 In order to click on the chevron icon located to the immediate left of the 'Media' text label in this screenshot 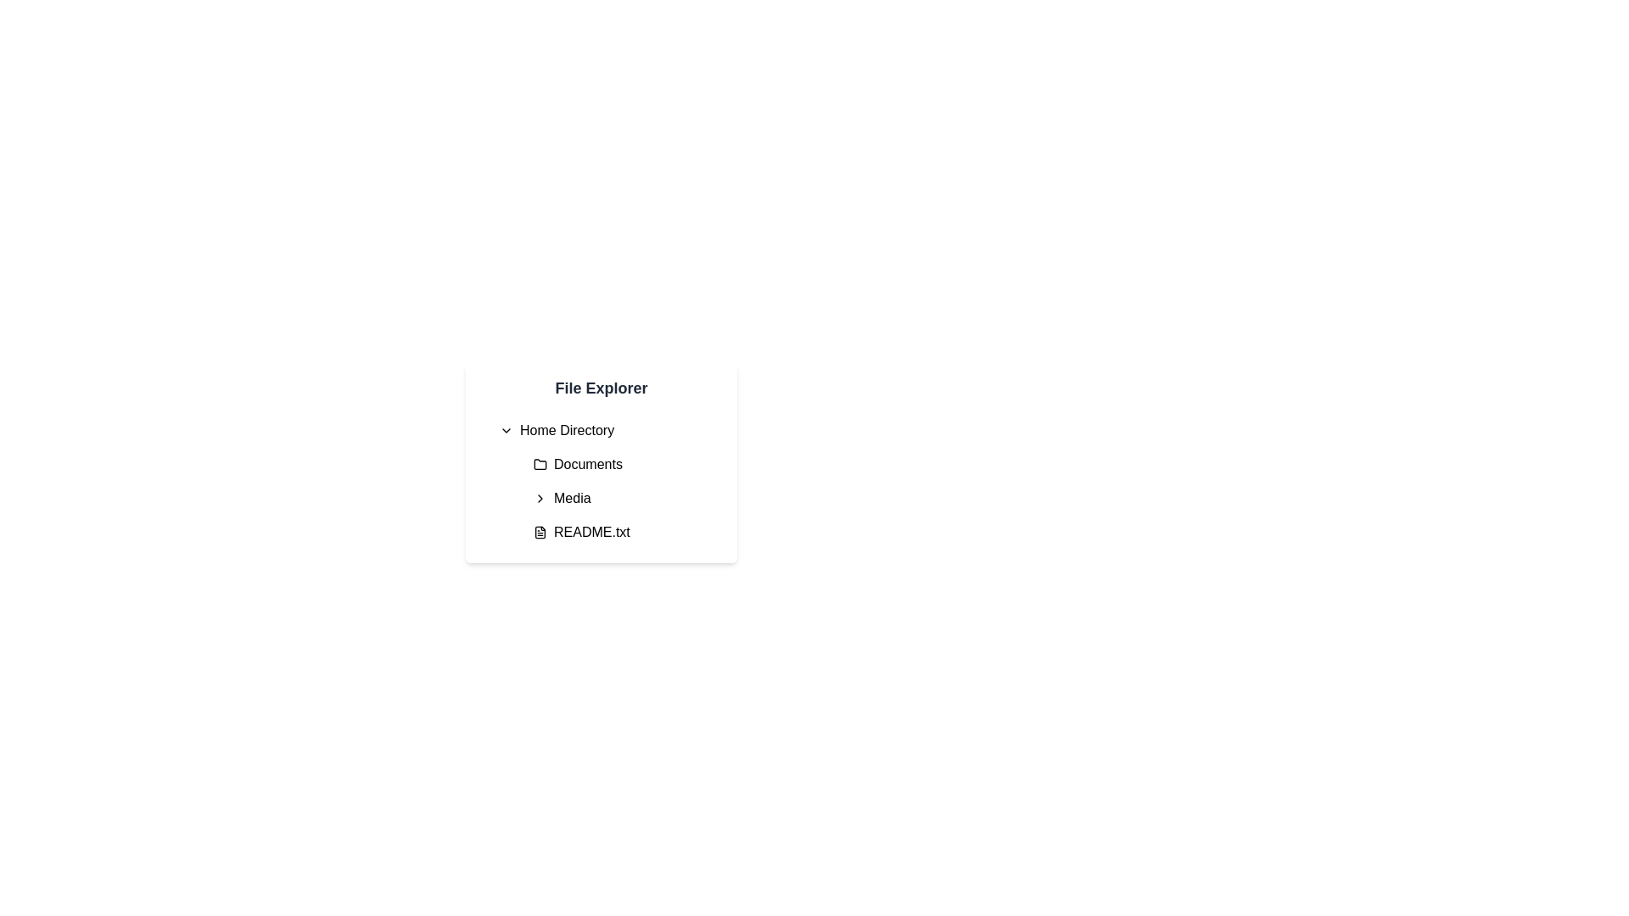, I will do `click(540, 497)`.